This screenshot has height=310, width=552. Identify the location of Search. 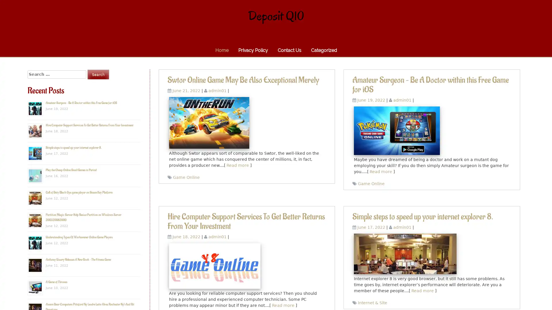
(98, 74).